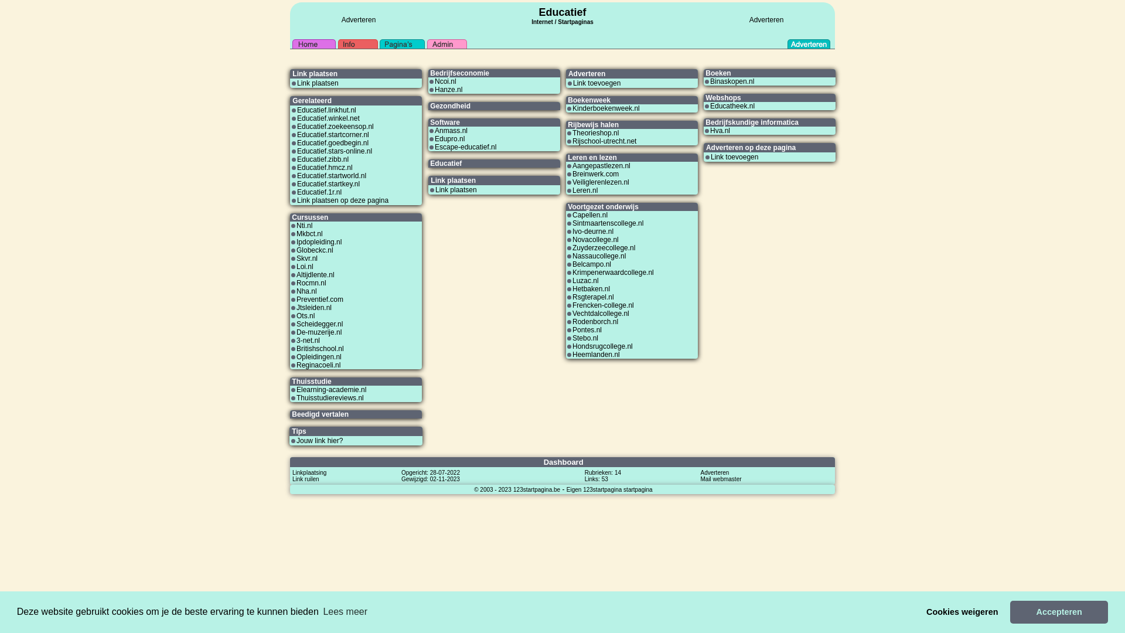 The image size is (1125, 633). What do you see at coordinates (720, 479) in the screenshot?
I see `'Mail webmaster'` at bounding box center [720, 479].